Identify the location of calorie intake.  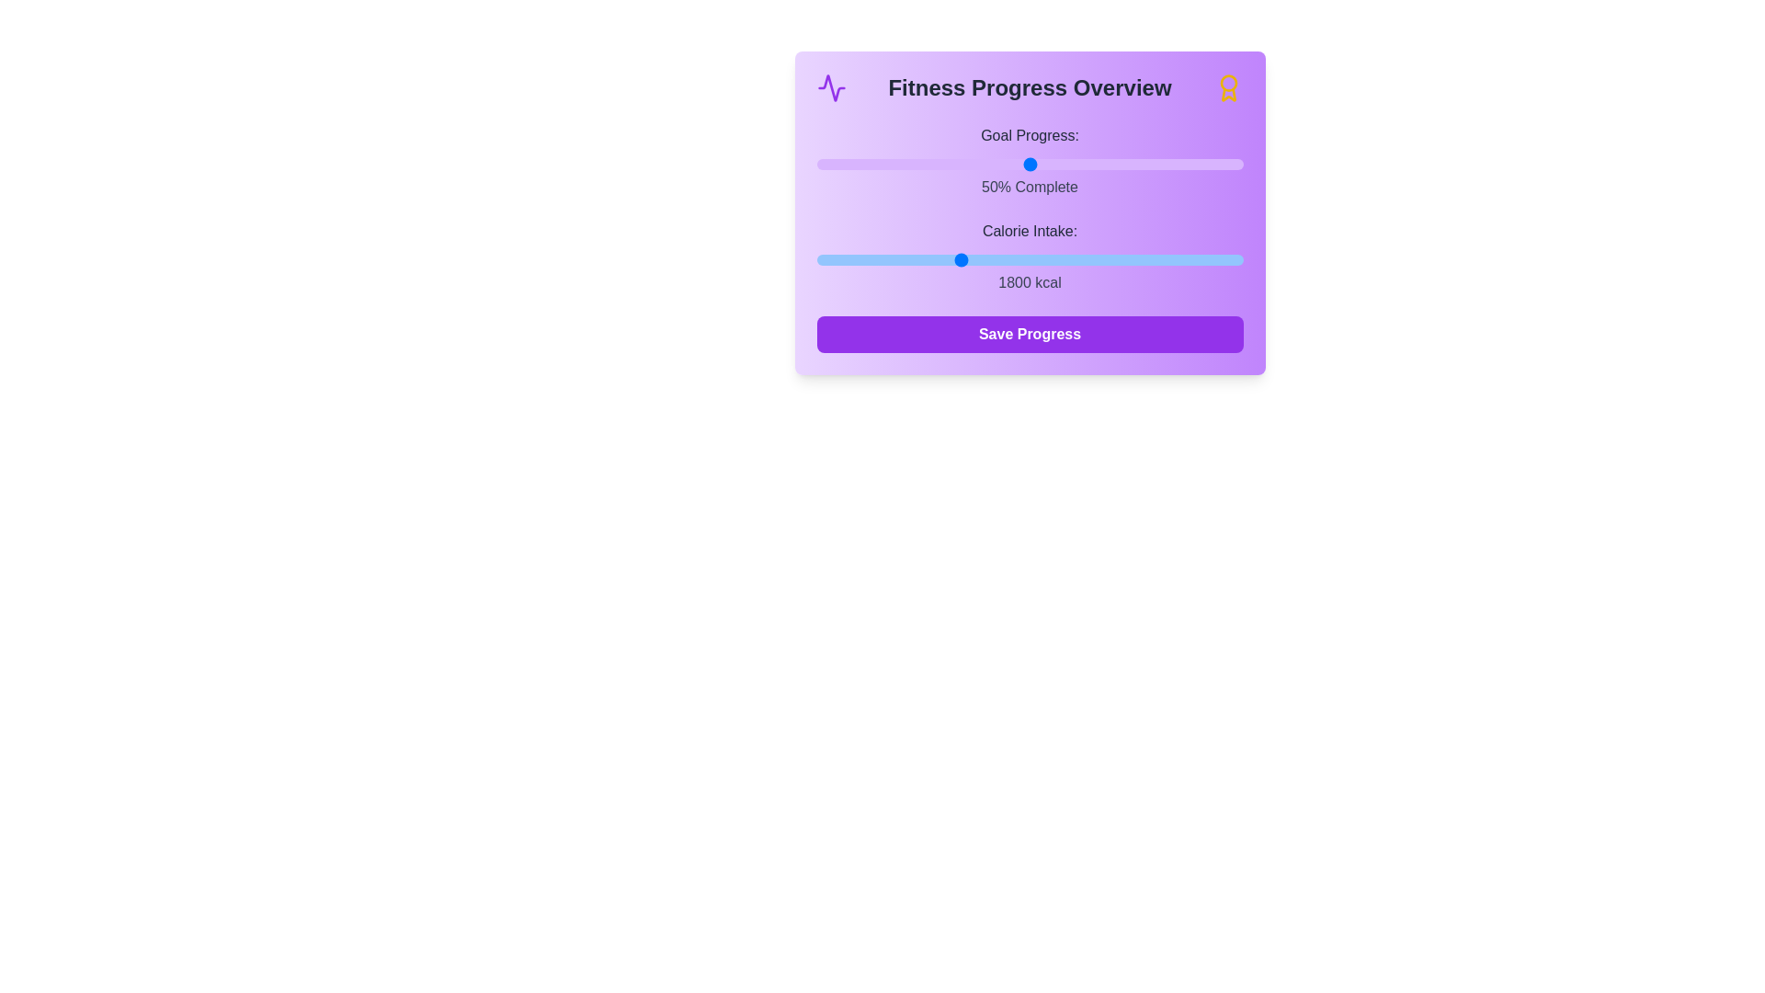
(876, 259).